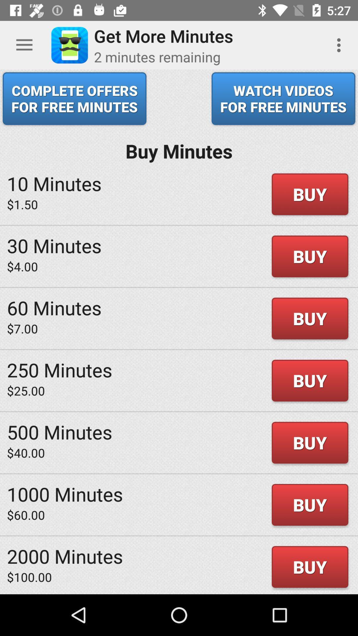 This screenshot has width=358, height=636. Describe the element at coordinates (340, 45) in the screenshot. I see `the item next to the get more minutes item` at that location.